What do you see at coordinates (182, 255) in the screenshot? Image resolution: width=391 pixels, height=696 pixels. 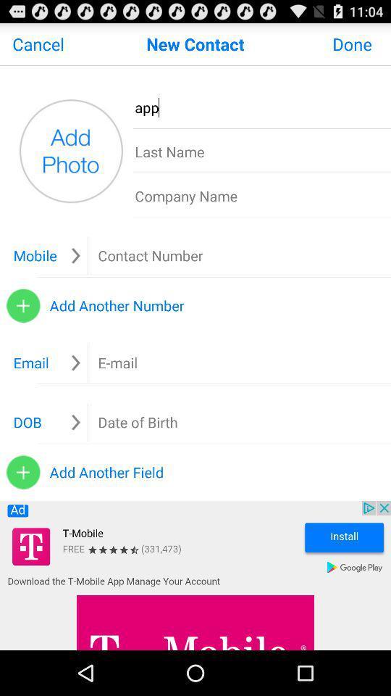 I see `ender contact number box` at bounding box center [182, 255].